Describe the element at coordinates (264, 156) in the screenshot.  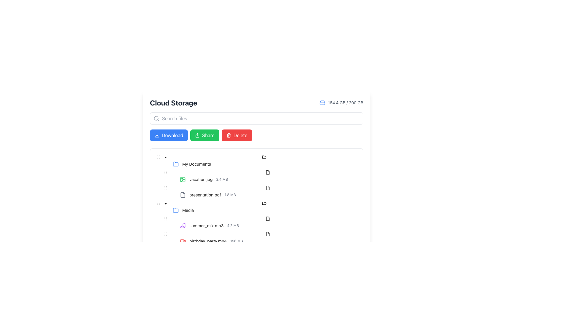
I see `the folder icon representing the 'Media' folder in the file hierarchy` at that location.